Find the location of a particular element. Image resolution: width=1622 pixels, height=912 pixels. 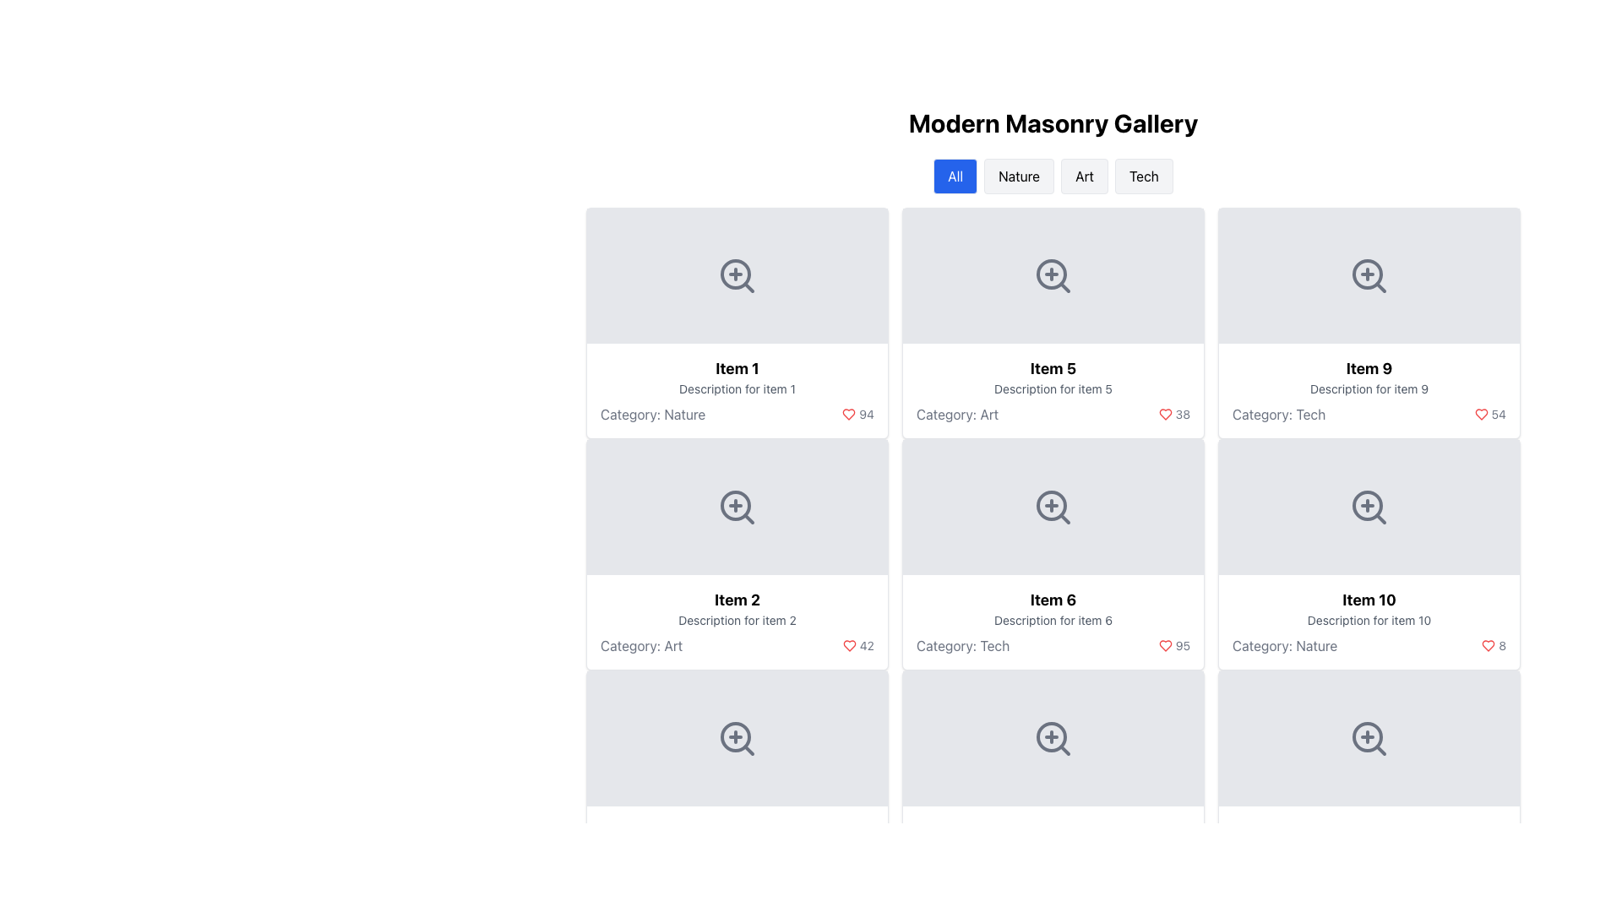

the SVG Circle element located at the center of the magnifying glass icon in 'Item 2' by clicking on it is located at coordinates (735, 504).